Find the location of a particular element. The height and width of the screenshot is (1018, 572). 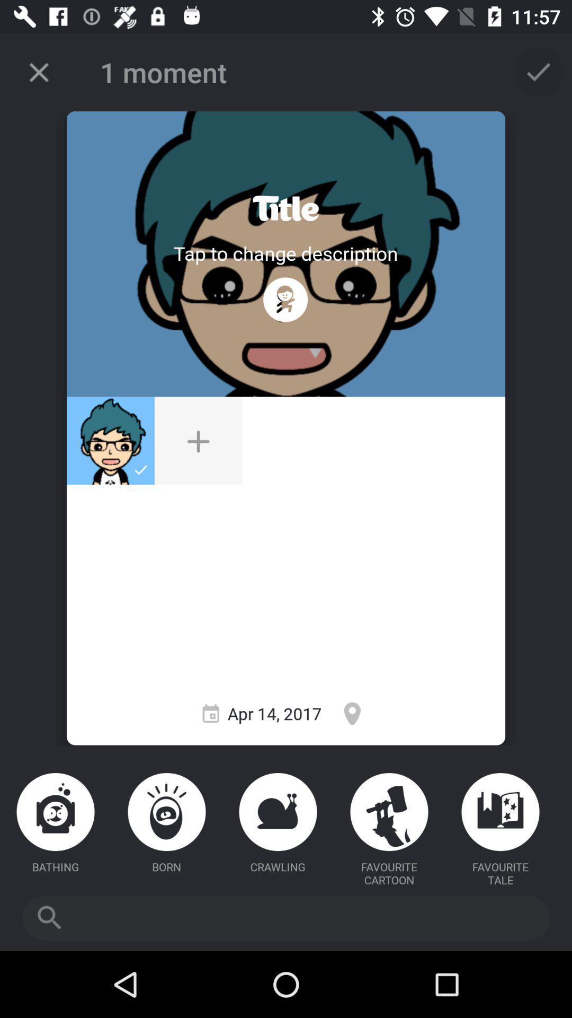

new vedios is located at coordinates (198, 441).